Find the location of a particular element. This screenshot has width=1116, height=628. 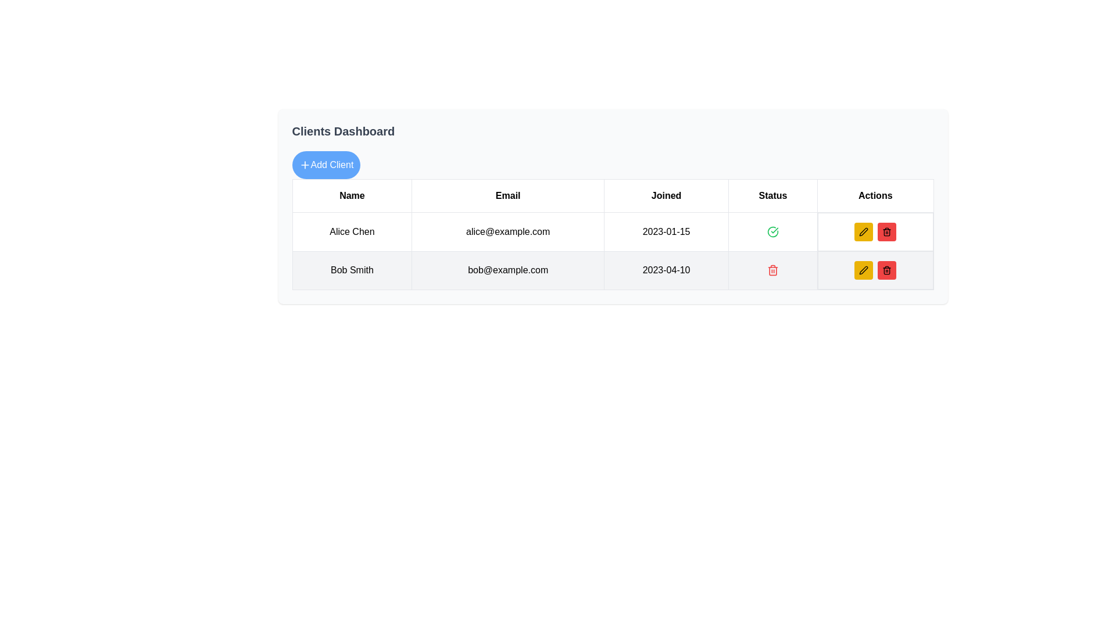

the visual status indicated by the checkmark icon within the green circular border located in the 'Status' column of the first row of the table is located at coordinates (772, 231).